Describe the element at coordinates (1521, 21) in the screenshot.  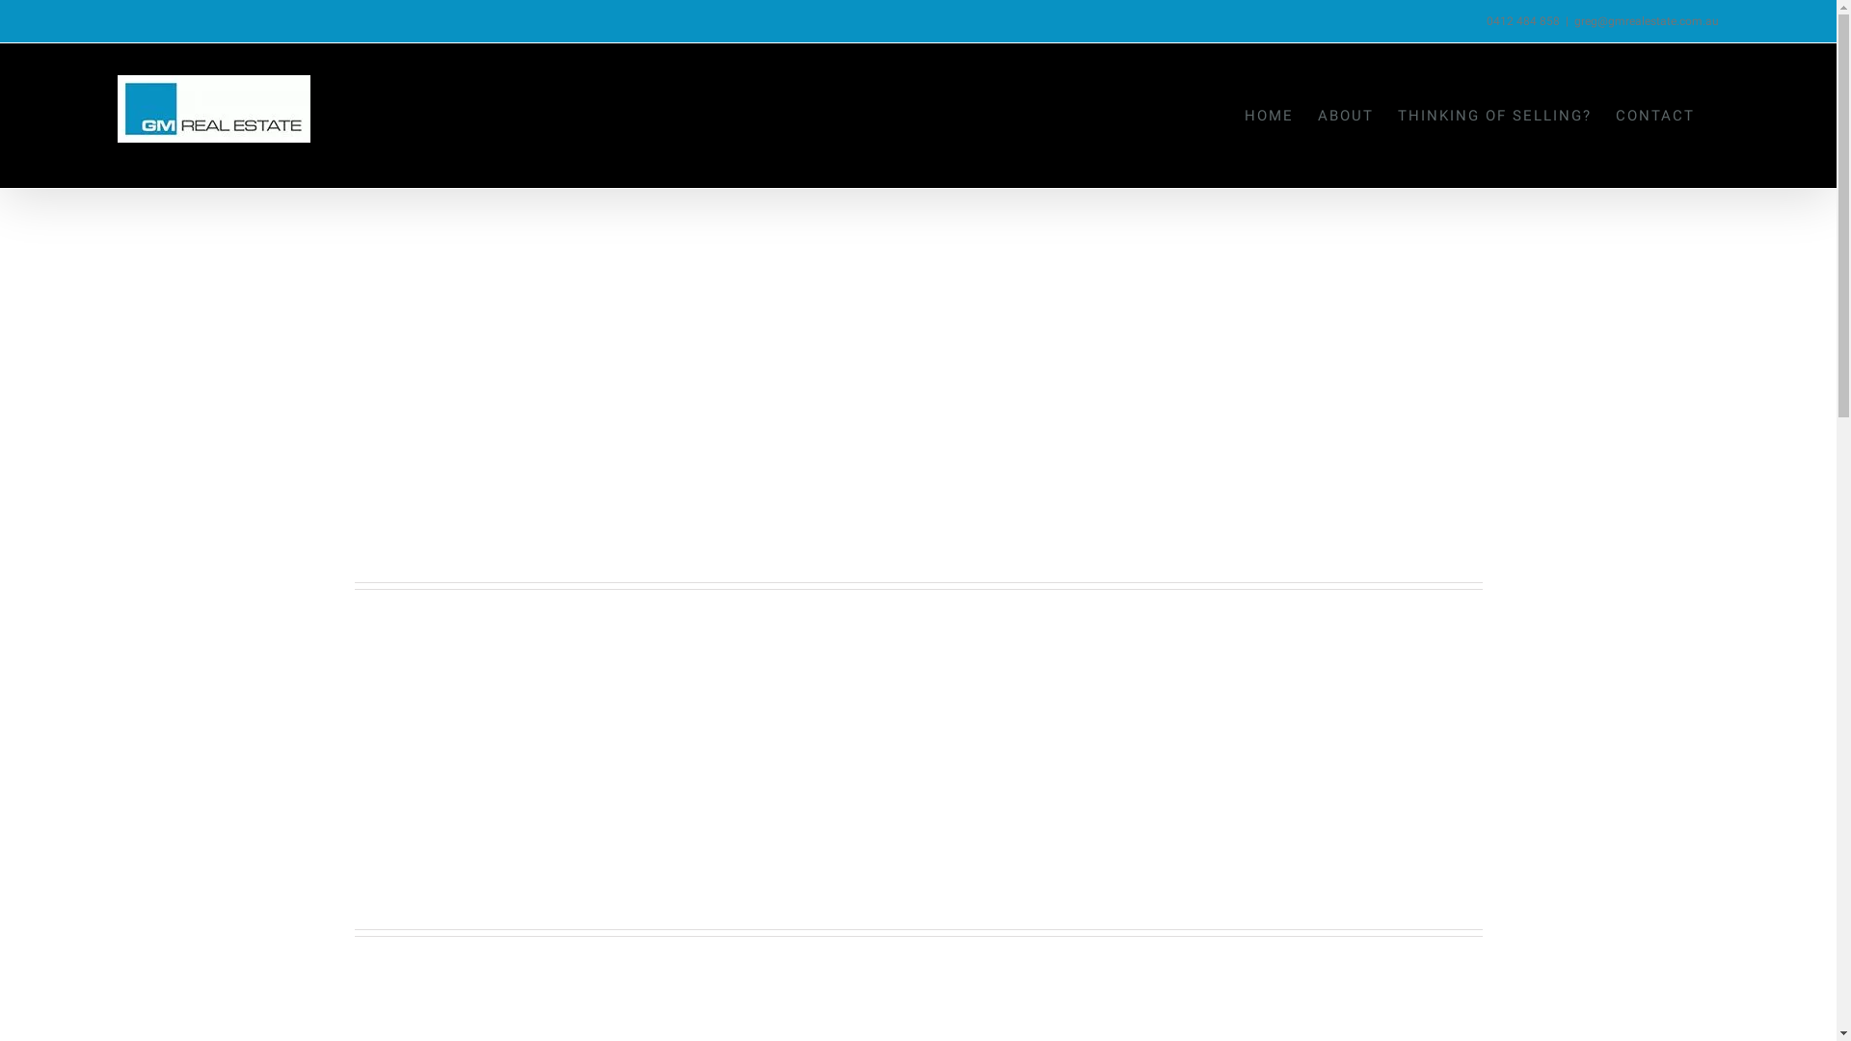
I see `'0412 484 858'` at that location.